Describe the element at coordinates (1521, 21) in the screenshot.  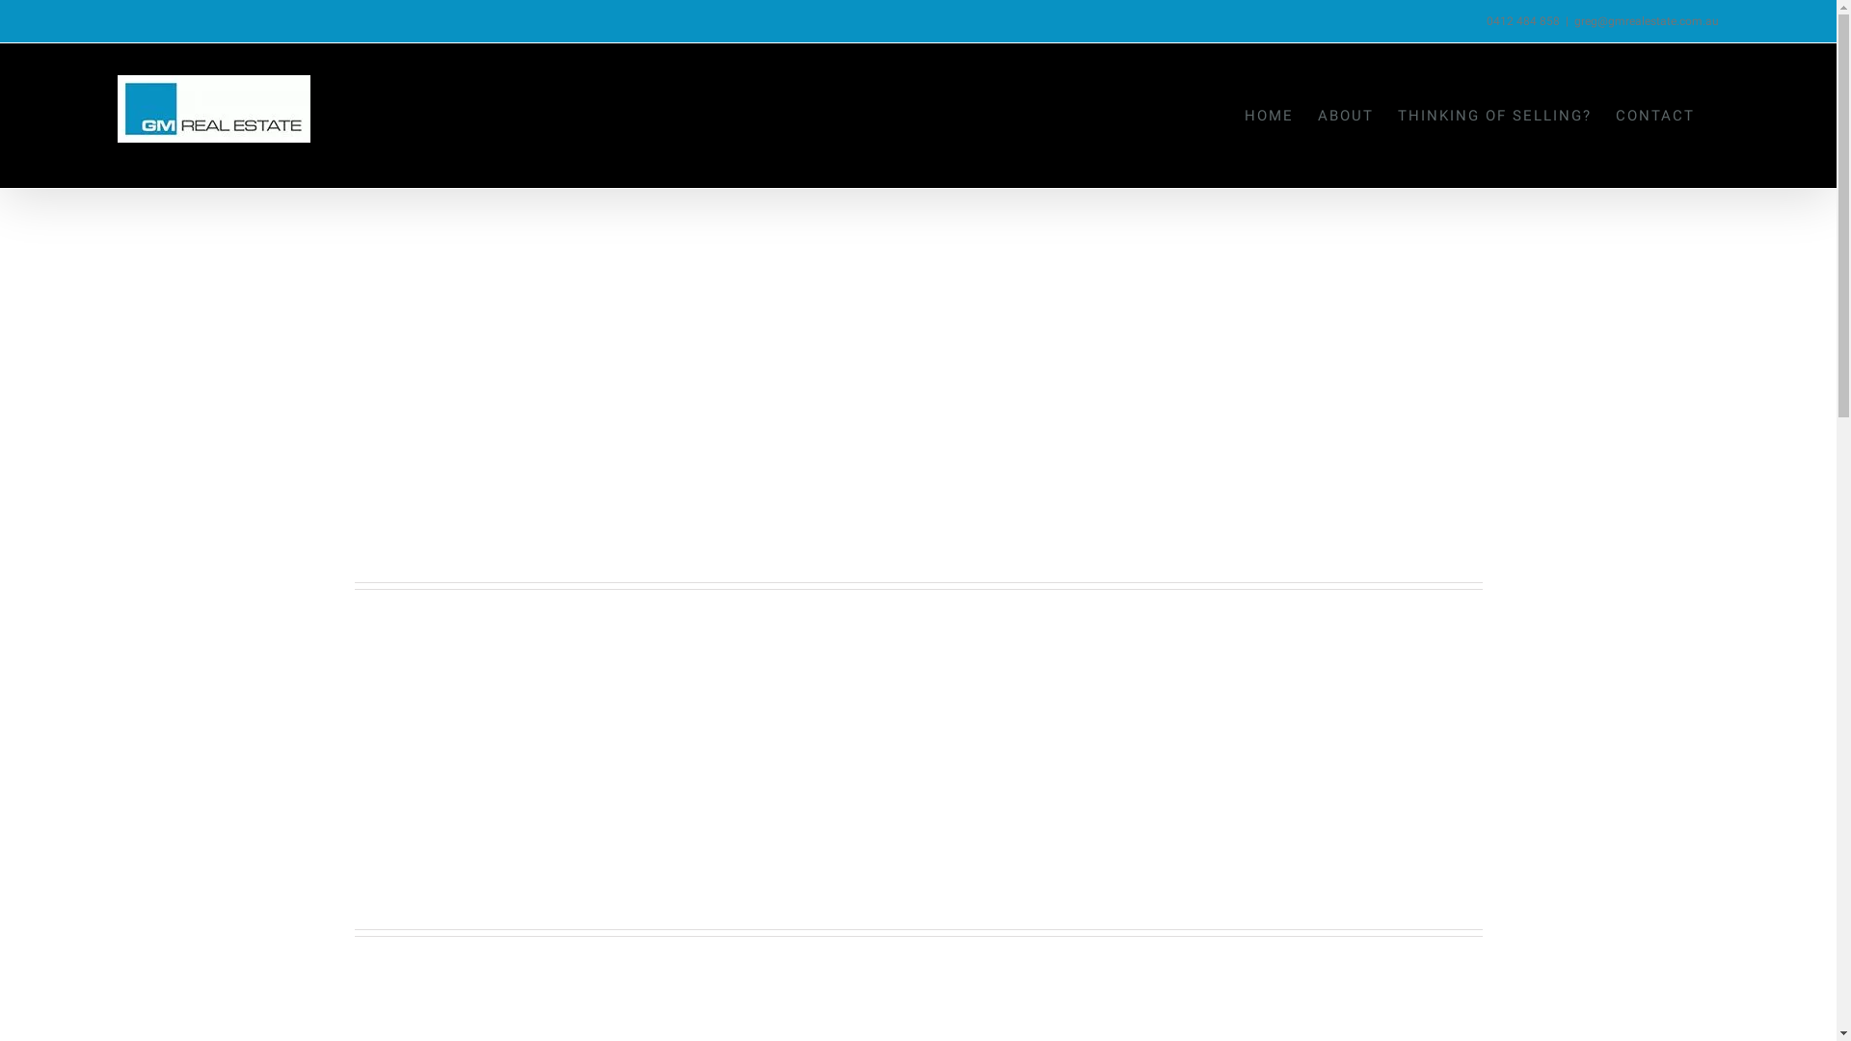
I see `'0412 484 858'` at that location.